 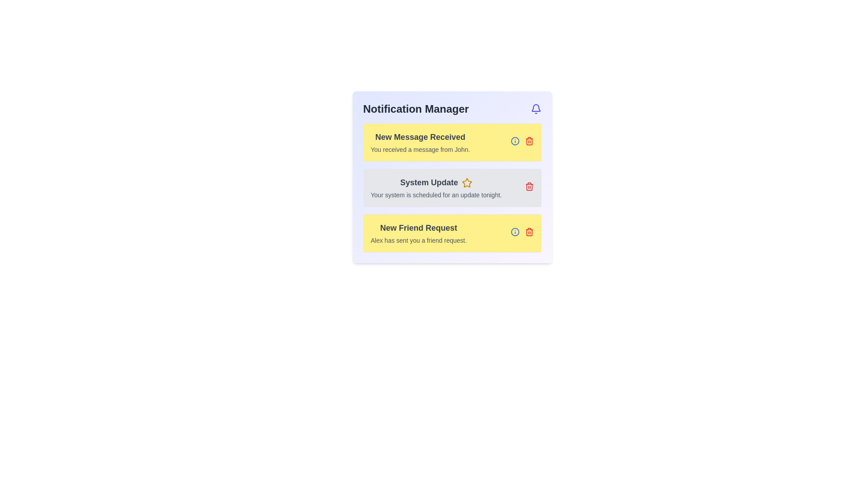 What do you see at coordinates (466, 182) in the screenshot?
I see `the star icon with a yellow fill and white stroke located to the right of the 'System Update' notification text` at bounding box center [466, 182].